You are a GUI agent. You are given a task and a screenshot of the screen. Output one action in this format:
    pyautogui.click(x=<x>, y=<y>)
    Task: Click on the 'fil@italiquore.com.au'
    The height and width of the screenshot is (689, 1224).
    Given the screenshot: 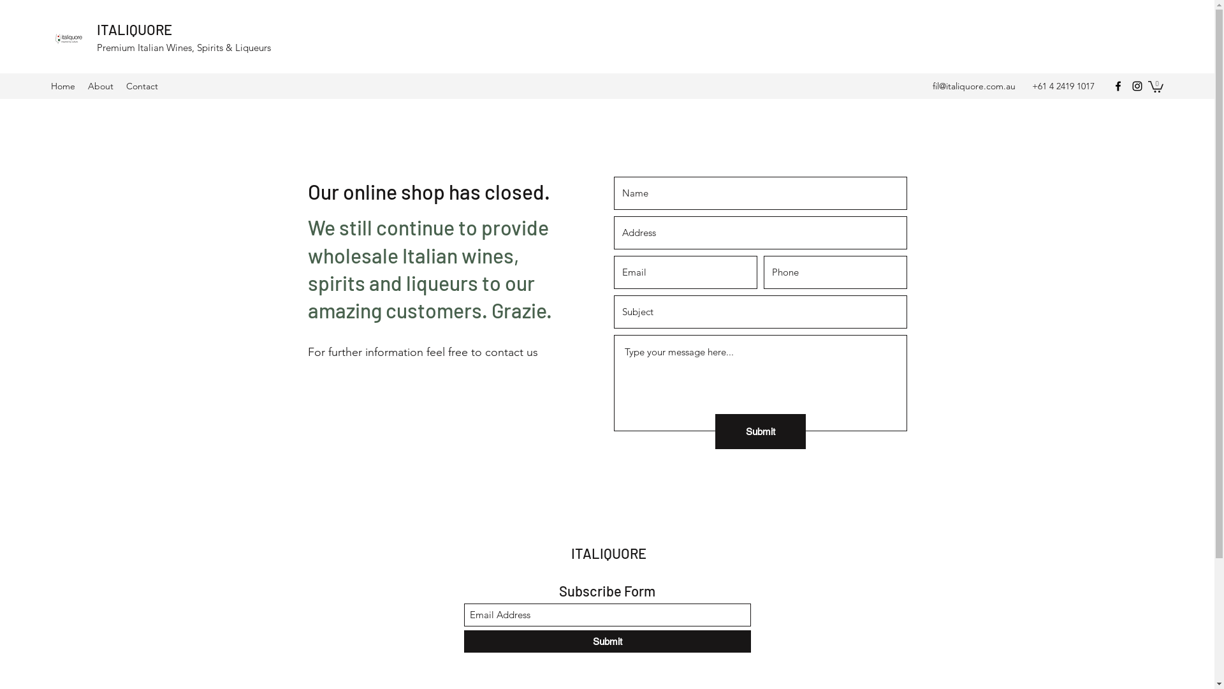 What is the action you would take?
    pyautogui.click(x=973, y=86)
    